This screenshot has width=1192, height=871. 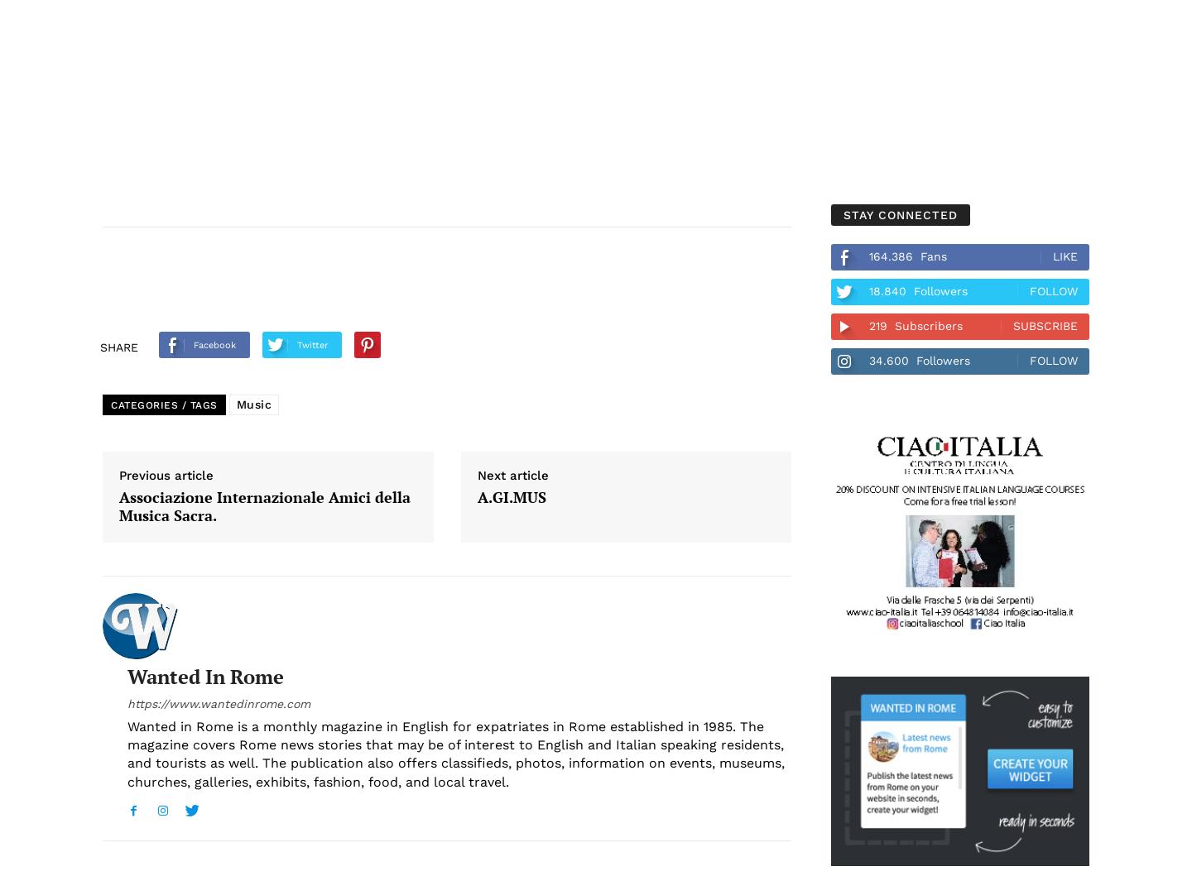 I want to click on 'Music', so click(x=234, y=404).